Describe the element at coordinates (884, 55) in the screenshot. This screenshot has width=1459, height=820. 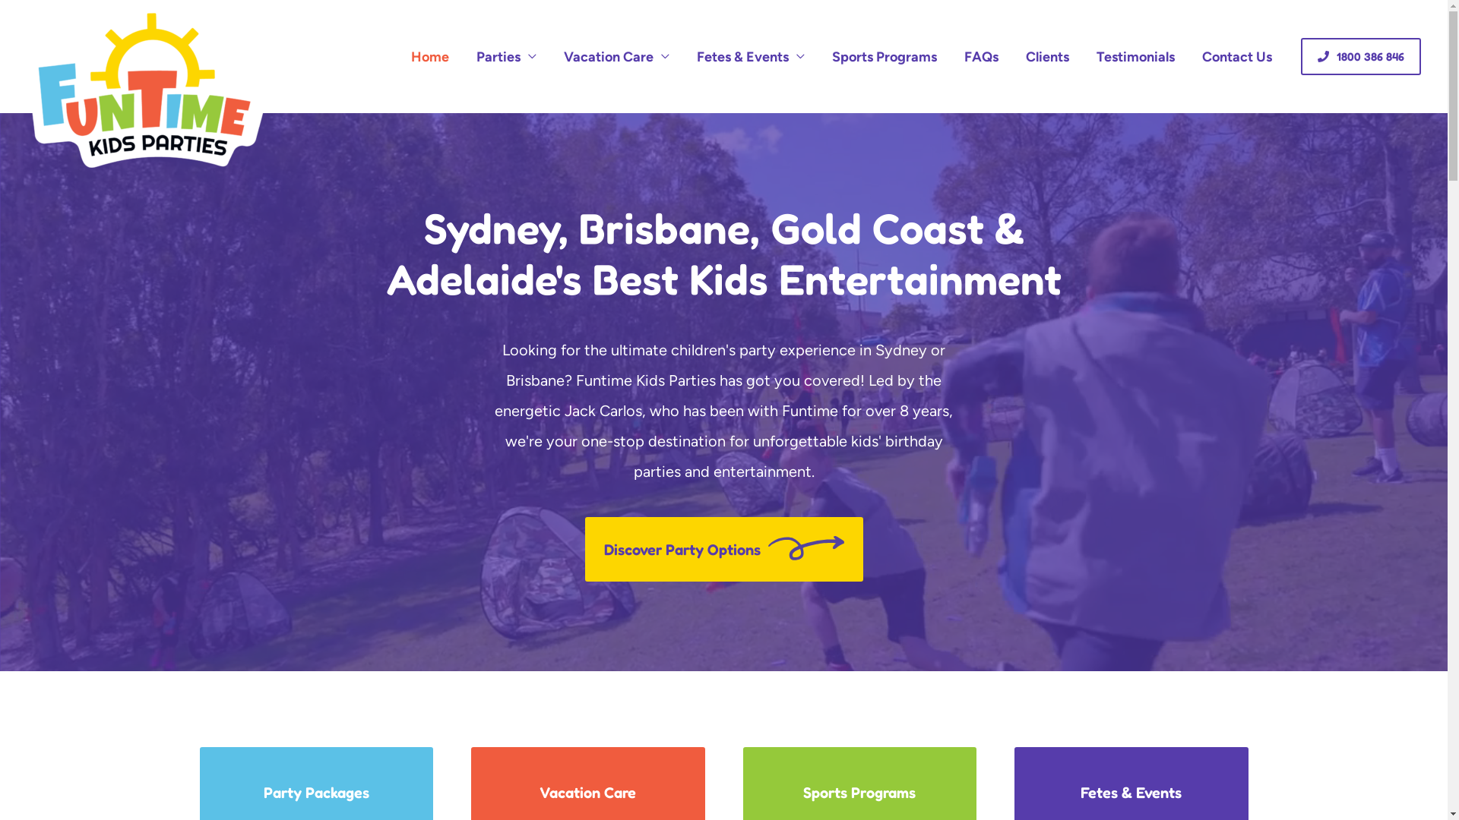
I see `'Sports Programs'` at that location.